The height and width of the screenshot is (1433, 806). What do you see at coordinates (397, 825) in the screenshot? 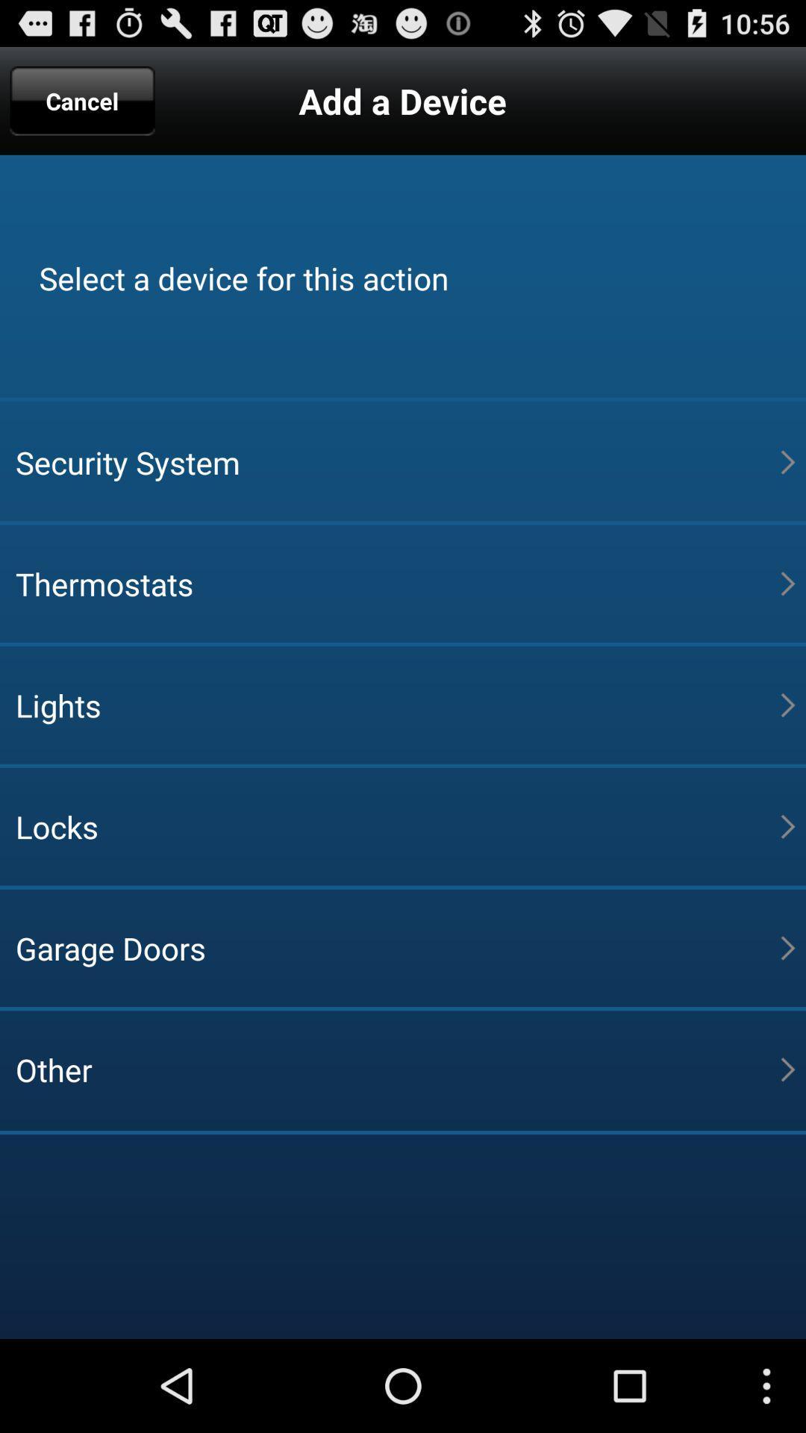
I see `the item above garage doors icon` at bounding box center [397, 825].